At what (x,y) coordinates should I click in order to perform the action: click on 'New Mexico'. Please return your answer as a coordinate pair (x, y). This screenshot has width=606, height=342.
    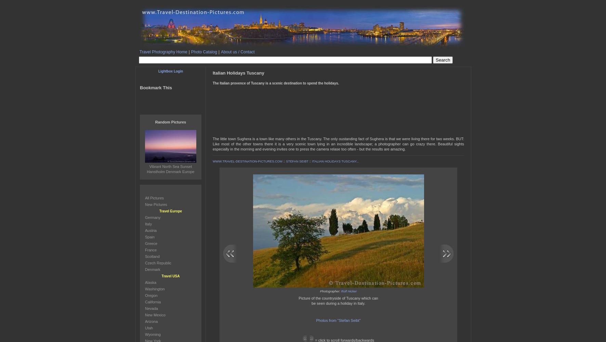
    Looking at the image, I should click on (155, 315).